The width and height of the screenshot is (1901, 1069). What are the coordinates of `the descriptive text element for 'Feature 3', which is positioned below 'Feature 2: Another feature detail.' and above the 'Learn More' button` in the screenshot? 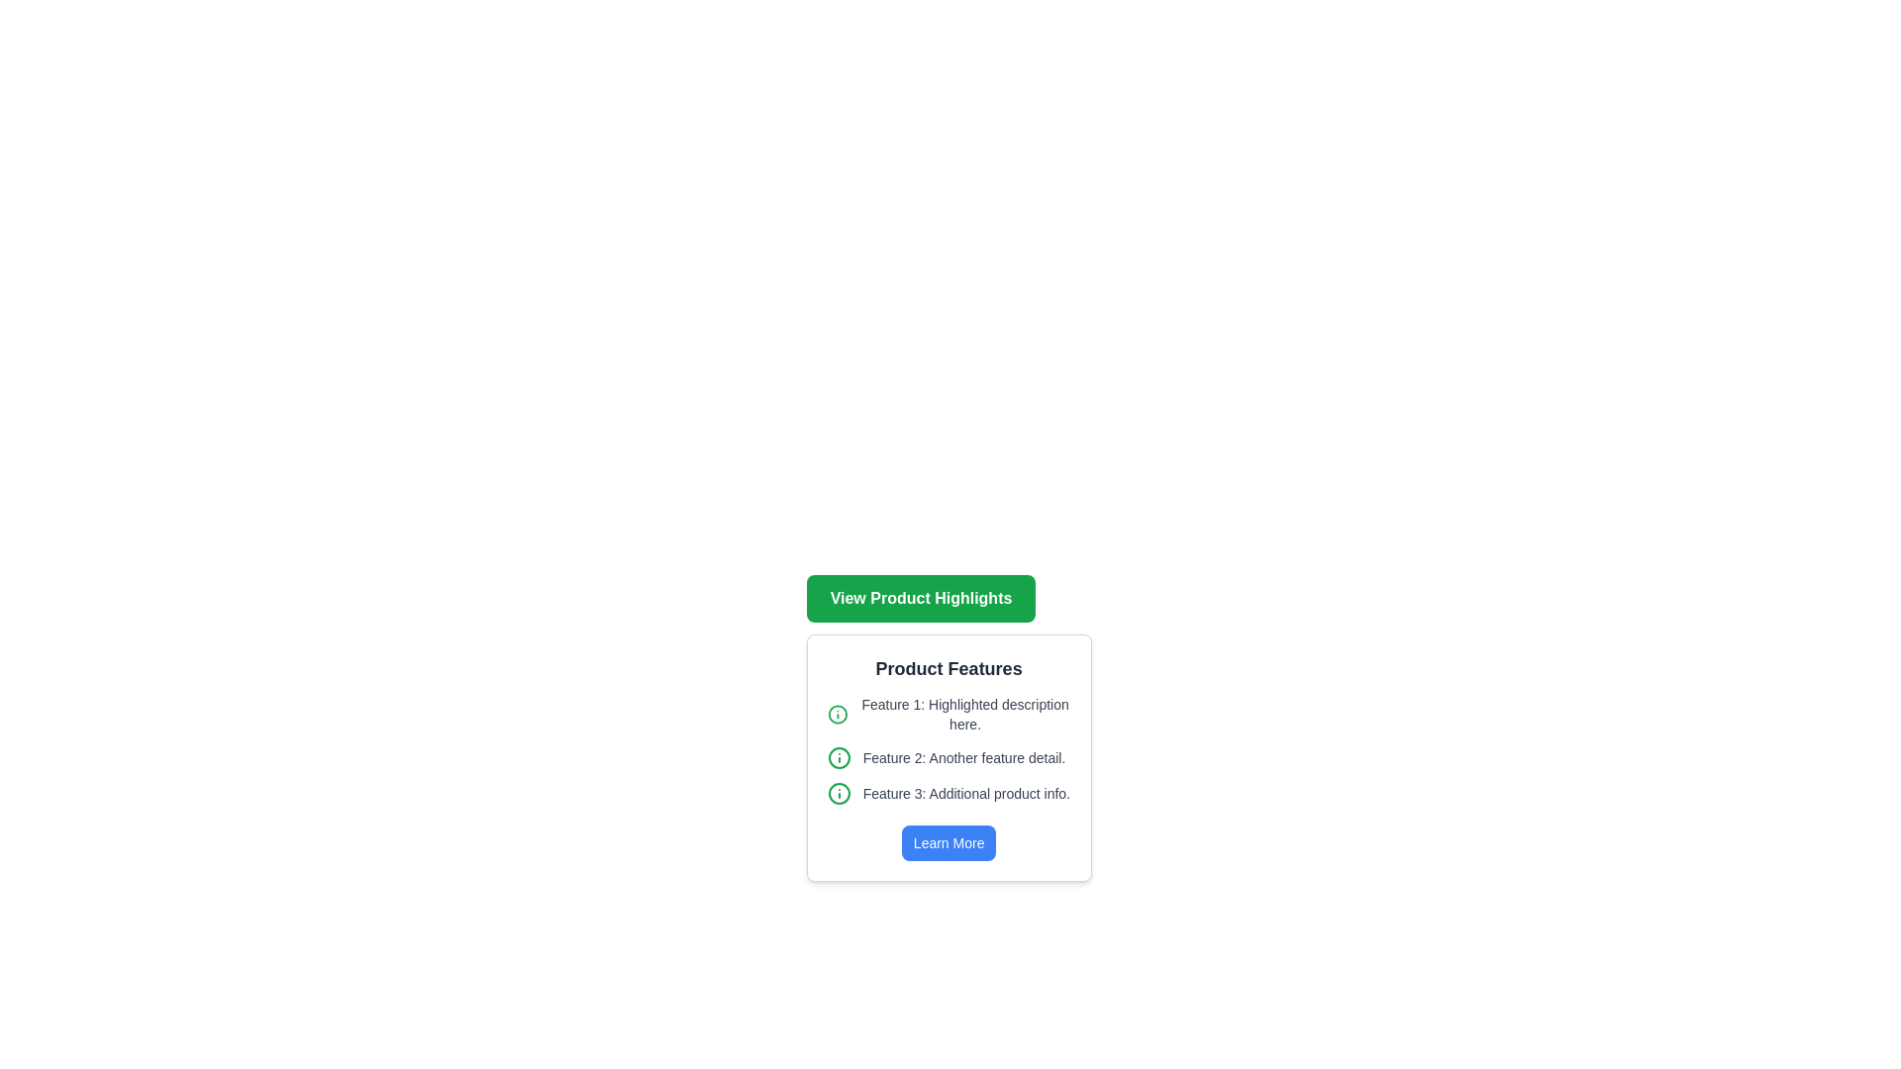 It's located at (948, 793).